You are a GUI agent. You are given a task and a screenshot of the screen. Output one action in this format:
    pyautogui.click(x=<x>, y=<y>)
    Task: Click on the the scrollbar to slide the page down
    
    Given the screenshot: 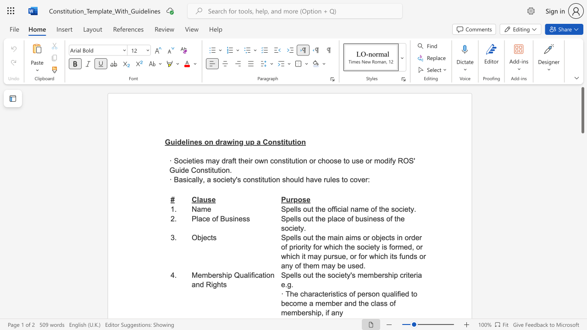 What is the action you would take?
    pyautogui.click(x=582, y=242)
    